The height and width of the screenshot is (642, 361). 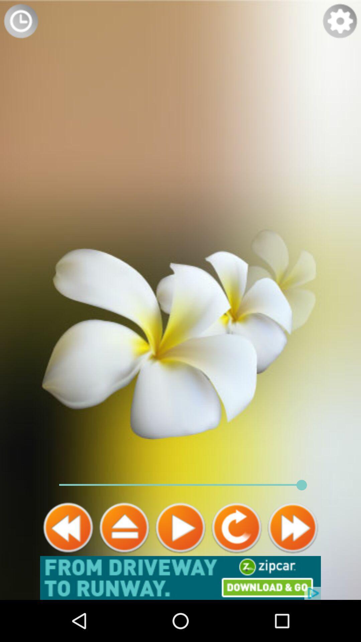 What do you see at coordinates (124, 527) in the screenshot?
I see `the home icon` at bounding box center [124, 527].